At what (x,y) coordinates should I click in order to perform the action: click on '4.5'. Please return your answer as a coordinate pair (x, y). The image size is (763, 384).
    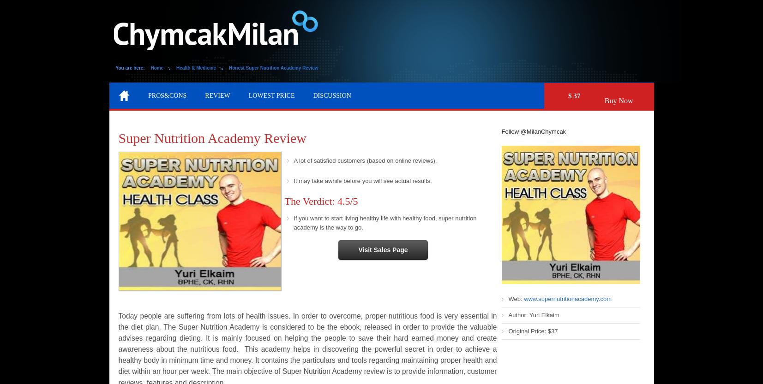
    Looking at the image, I should click on (336, 200).